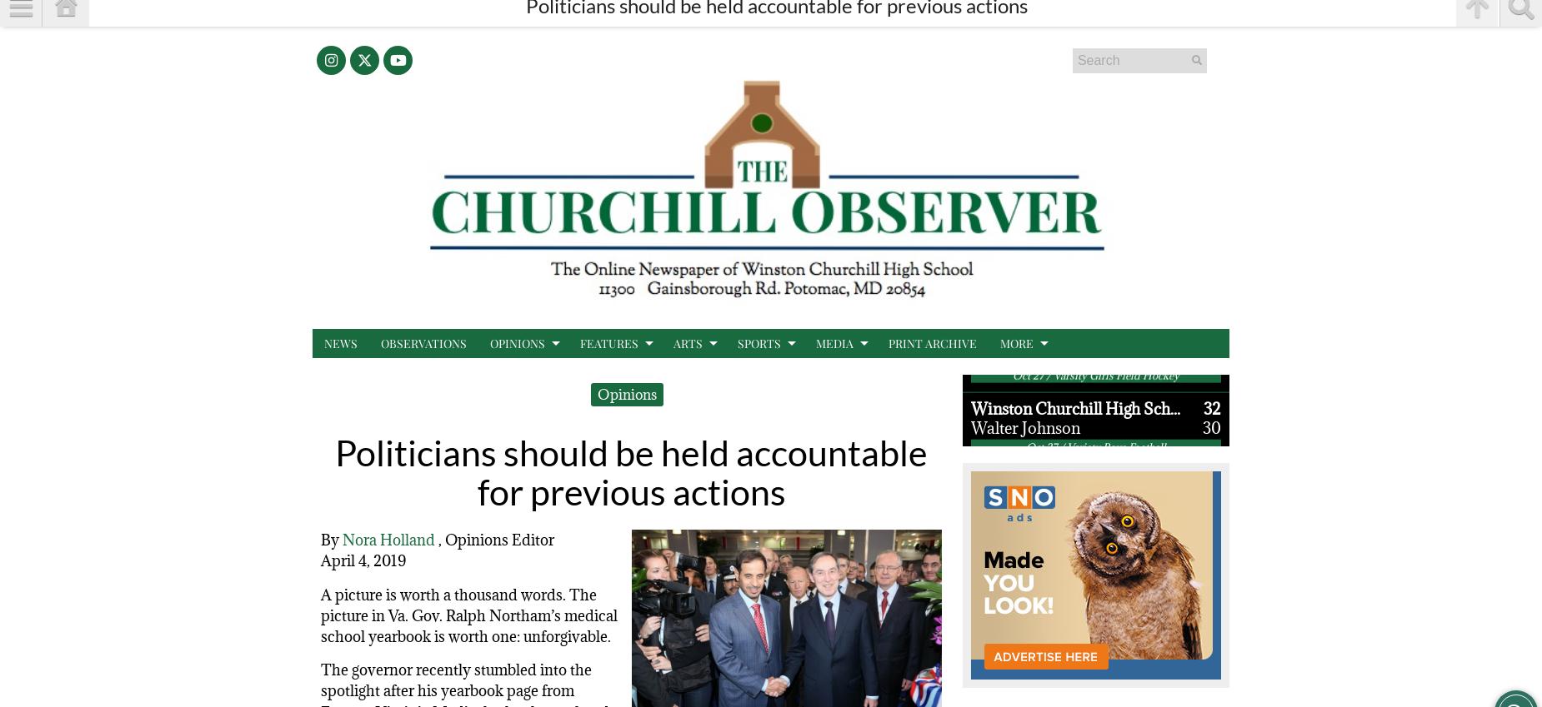 This screenshot has height=707, width=1542. Describe the element at coordinates (1094, 356) in the screenshot. I see `'Oct 27 / Varsity Girls Field Hockey'` at that location.